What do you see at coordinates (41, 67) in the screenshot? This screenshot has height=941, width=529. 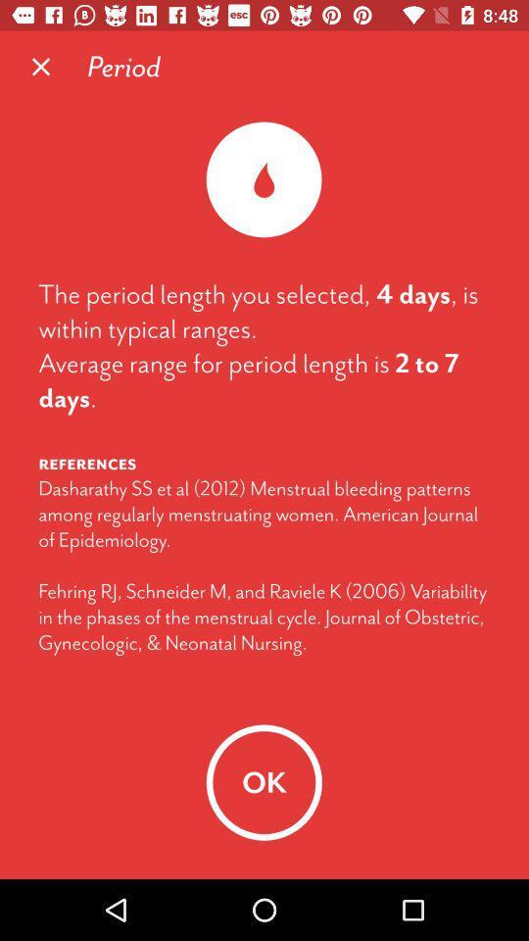 I see `widget` at bounding box center [41, 67].